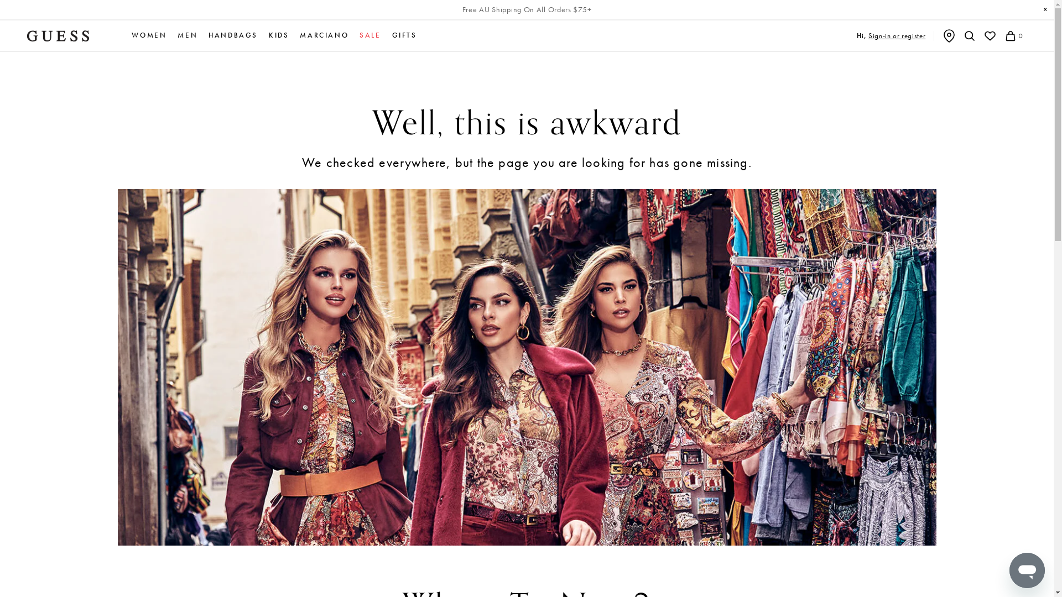  What do you see at coordinates (178, 35) in the screenshot?
I see `'MEN'` at bounding box center [178, 35].